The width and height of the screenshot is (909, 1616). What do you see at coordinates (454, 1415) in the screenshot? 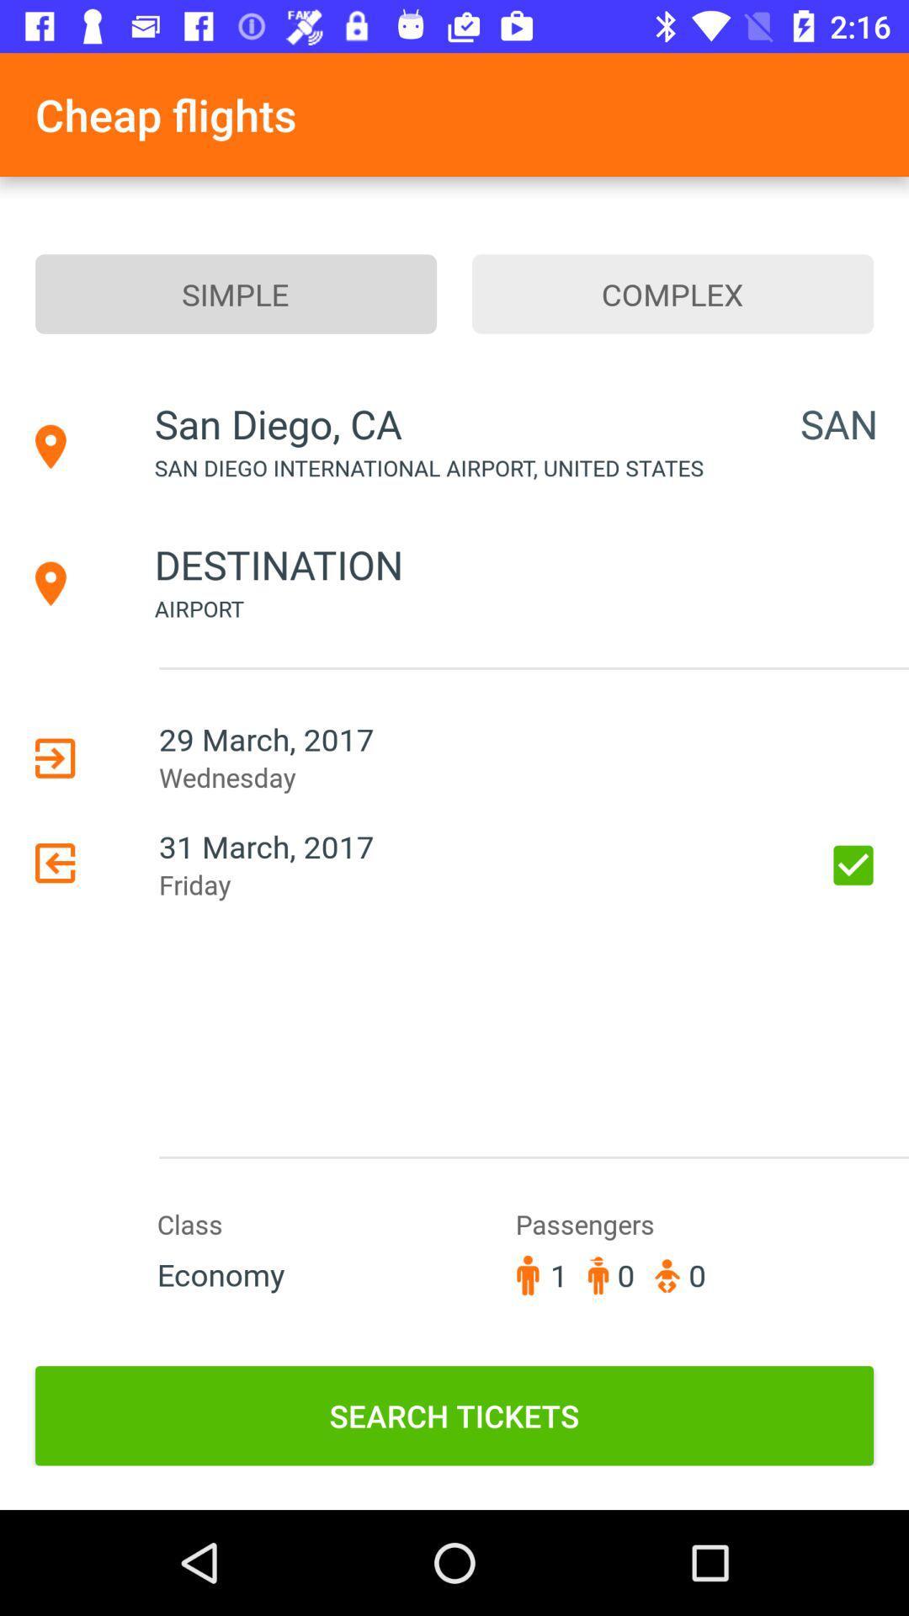
I see `icon below 1 item` at bounding box center [454, 1415].